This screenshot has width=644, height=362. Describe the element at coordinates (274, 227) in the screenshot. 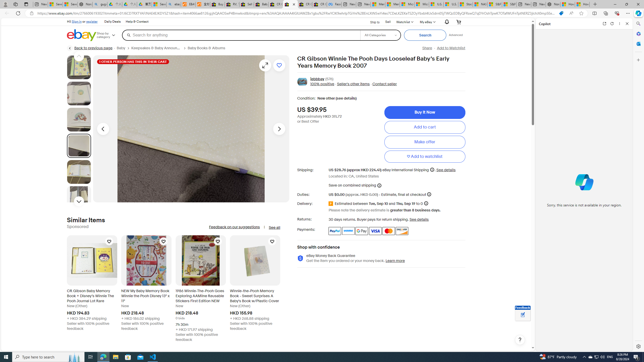

I see `'See all'` at that location.